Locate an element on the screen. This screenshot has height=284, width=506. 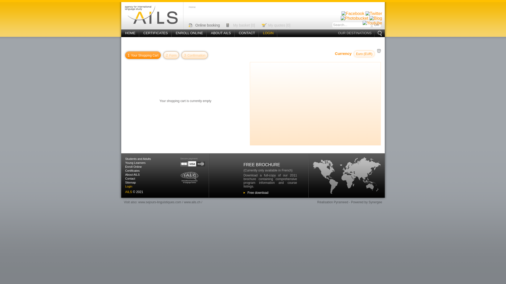
'Enroll Online' is located at coordinates (133, 166).